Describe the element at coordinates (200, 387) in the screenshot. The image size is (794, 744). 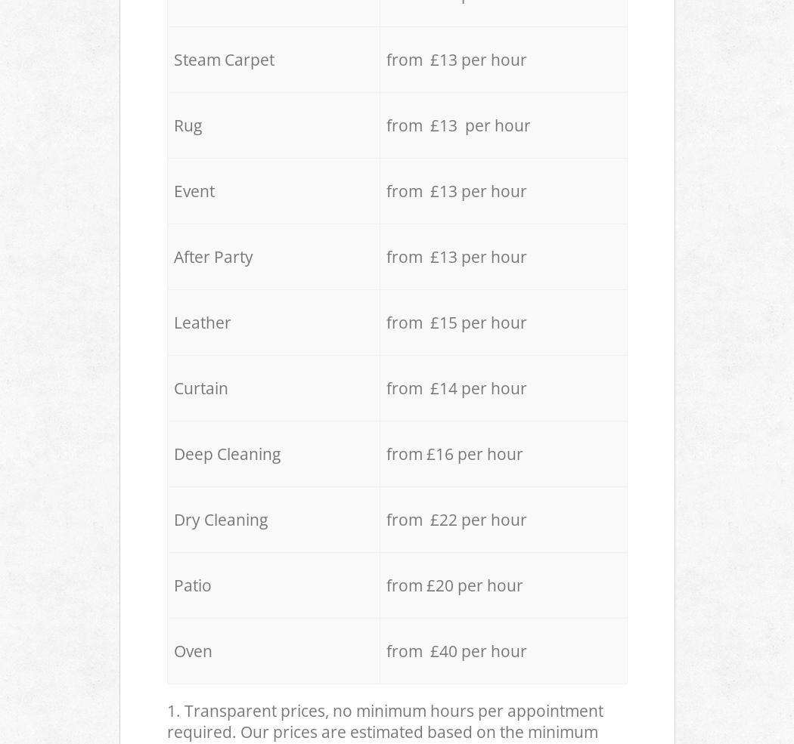
I see `'Curtain'` at that location.